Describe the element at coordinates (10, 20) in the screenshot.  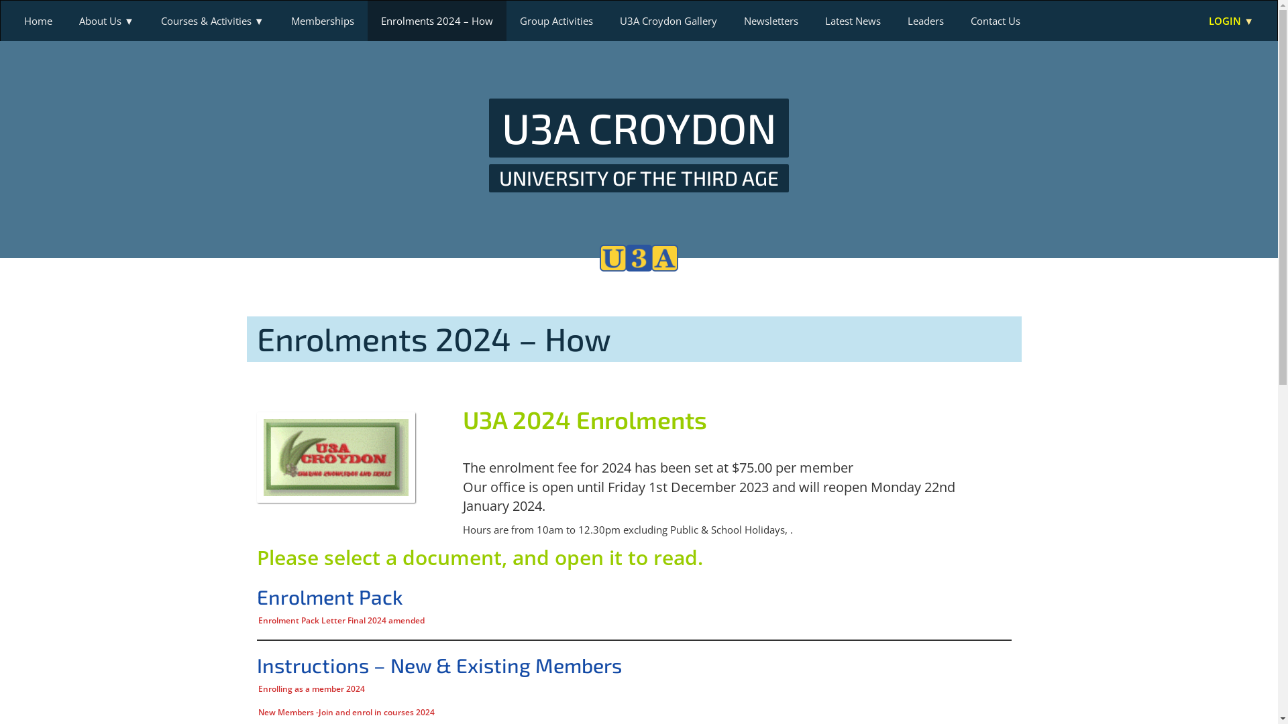
I see `'Home'` at that location.